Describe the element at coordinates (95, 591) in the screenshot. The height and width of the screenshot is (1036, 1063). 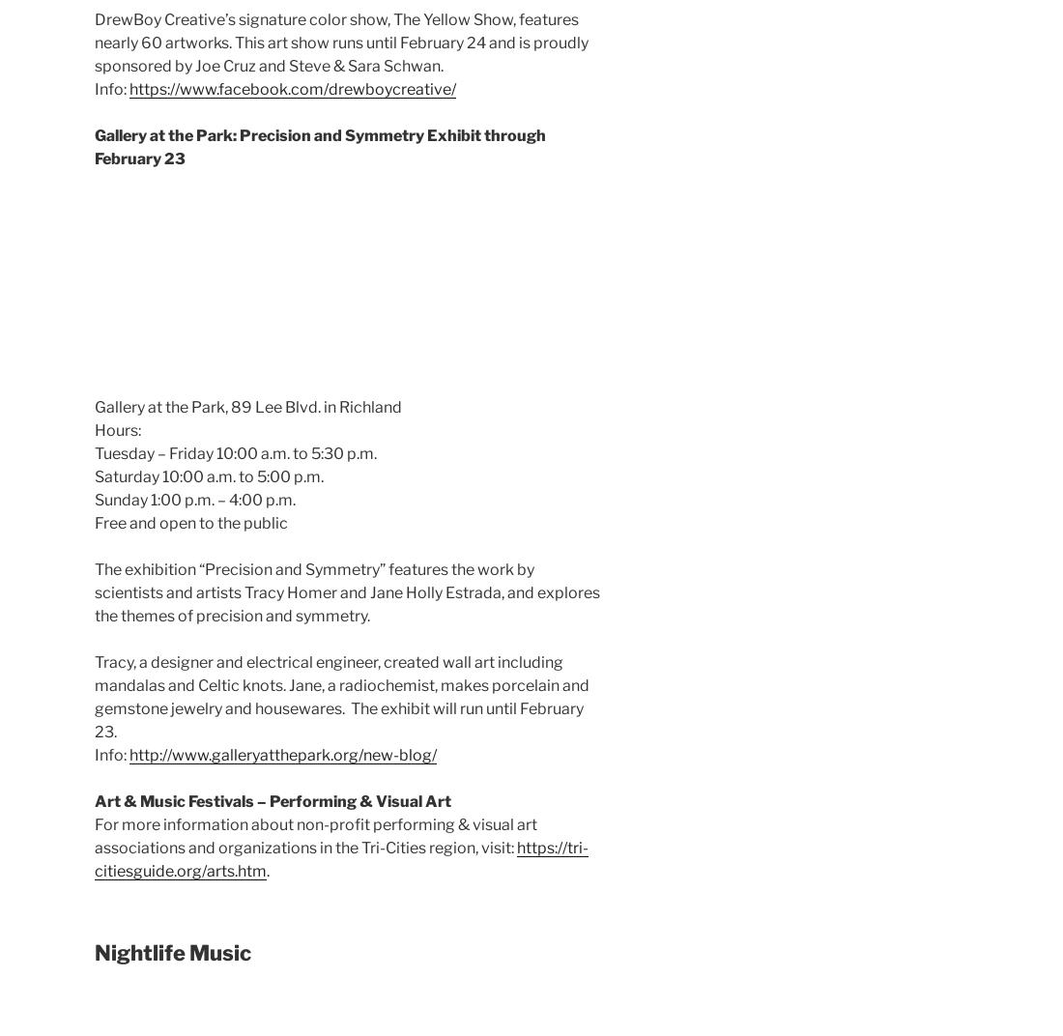
I see `'The exhibition “Precision and Symmetry” features the work by scientists and artists Tracy Homer and Jane Holly Estrada, and explores the themes of precision and symmetry.'` at that location.